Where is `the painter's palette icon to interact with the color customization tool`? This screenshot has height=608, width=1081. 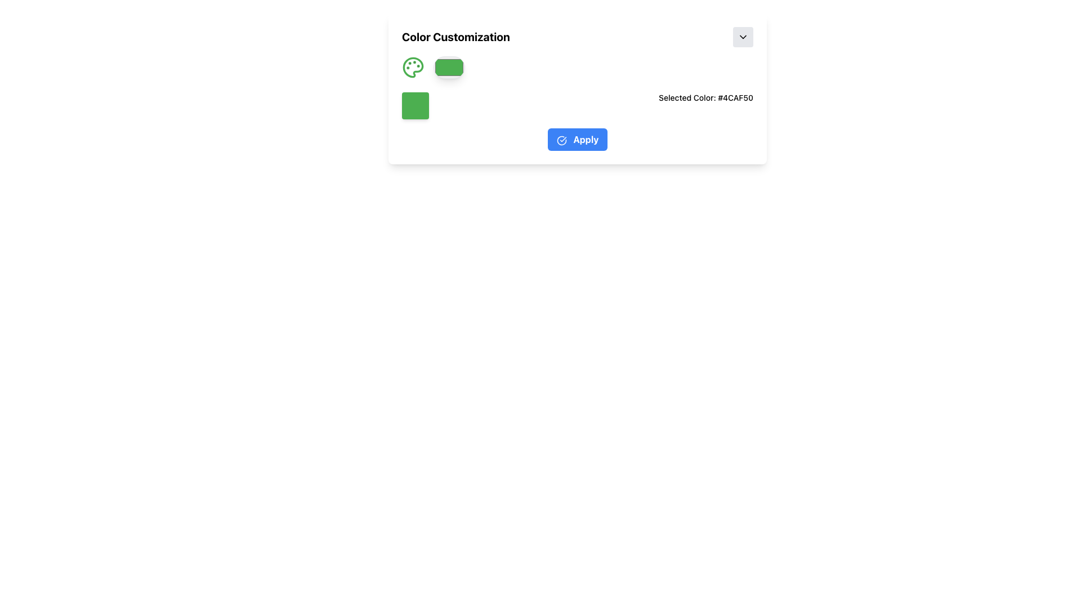 the painter's palette icon to interact with the color customization tool is located at coordinates (413, 67).